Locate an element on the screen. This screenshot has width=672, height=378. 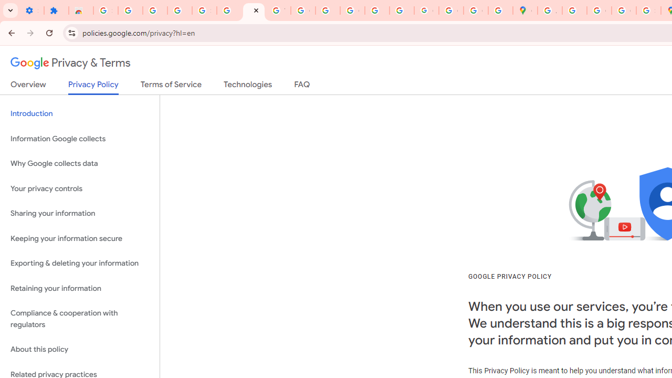
'Sharing your information' is located at coordinates (79, 213).